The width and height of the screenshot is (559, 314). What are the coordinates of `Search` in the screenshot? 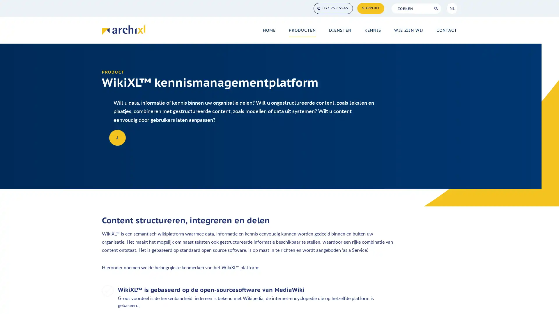 It's located at (436, 8).